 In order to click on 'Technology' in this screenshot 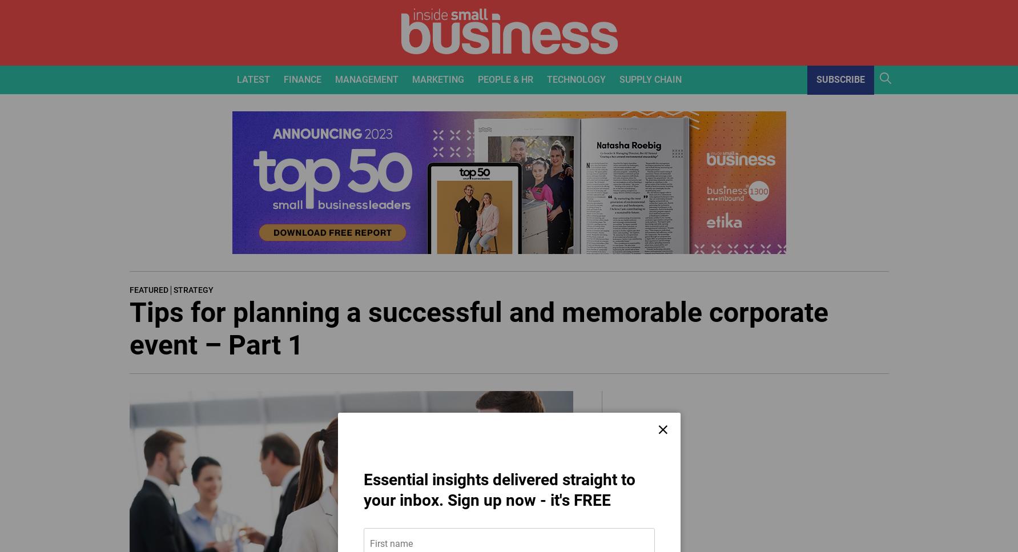, I will do `click(545, 78)`.